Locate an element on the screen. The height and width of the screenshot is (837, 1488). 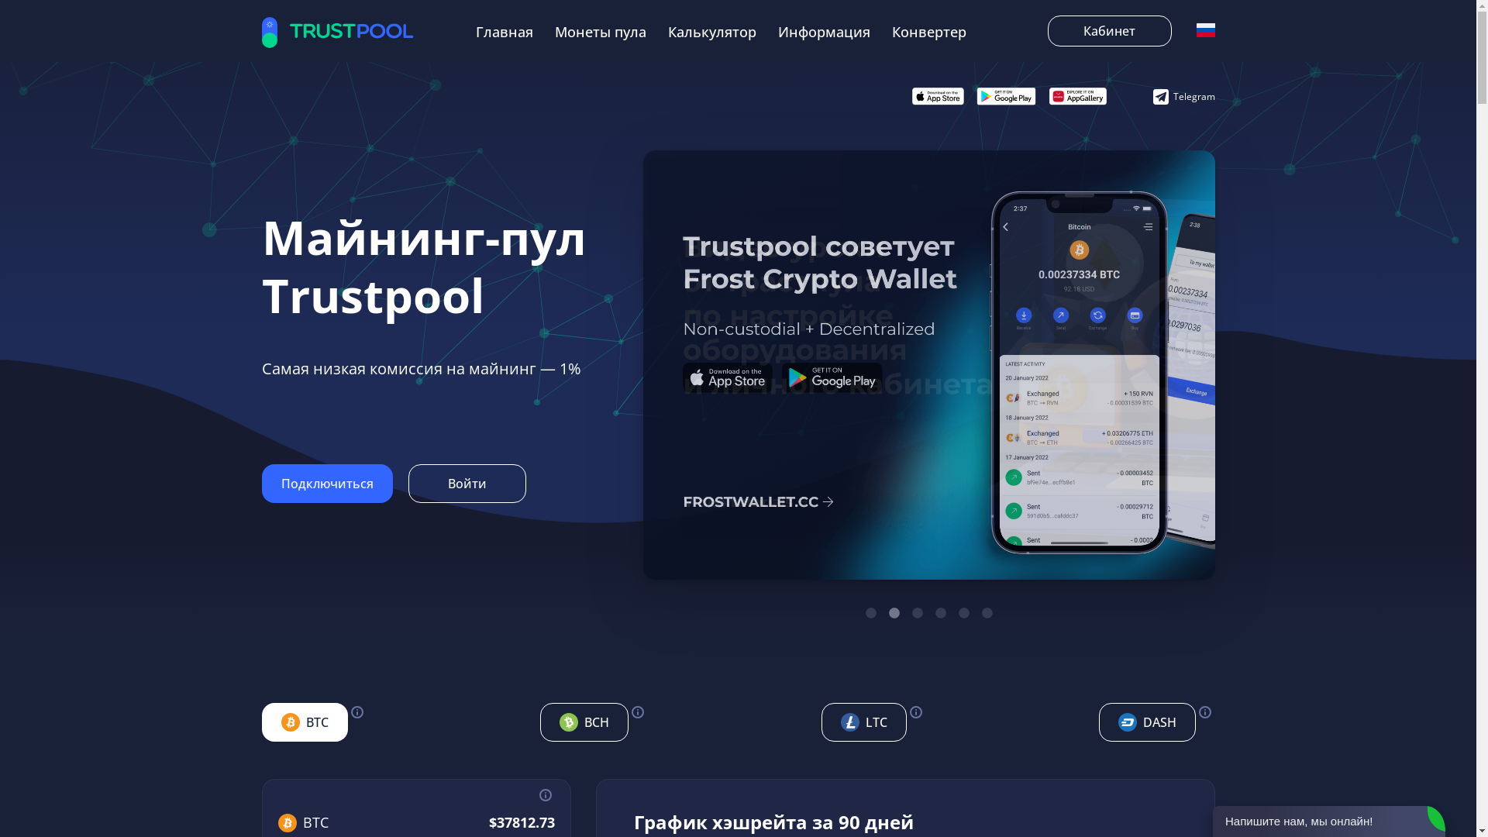
'3' is located at coordinates (918, 612).